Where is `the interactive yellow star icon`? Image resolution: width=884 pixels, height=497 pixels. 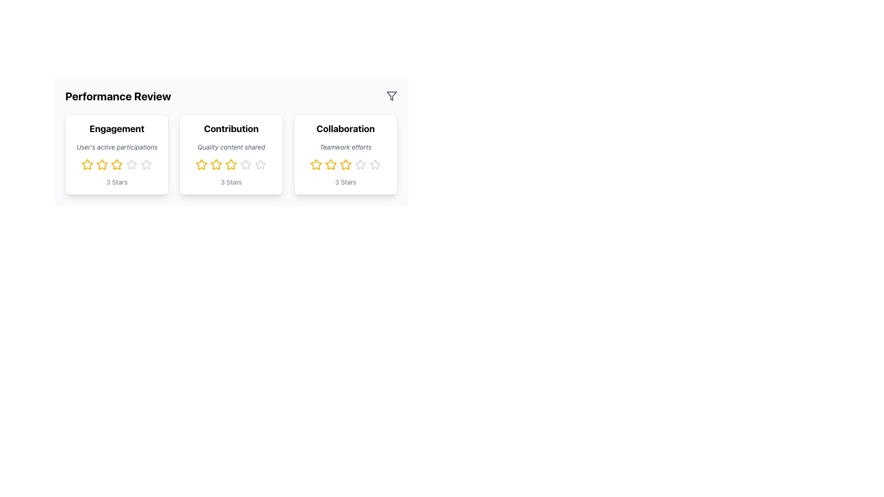 the interactive yellow star icon is located at coordinates (316, 164).